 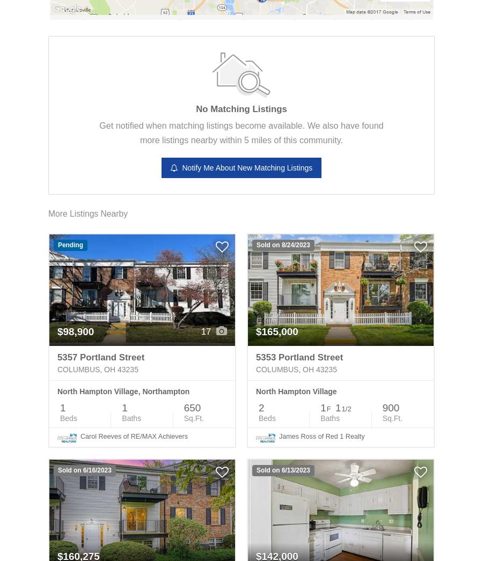 What do you see at coordinates (87, 213) in the screenshot?
I see `'More Listings Nearby'` at bounding box center [87, 213].